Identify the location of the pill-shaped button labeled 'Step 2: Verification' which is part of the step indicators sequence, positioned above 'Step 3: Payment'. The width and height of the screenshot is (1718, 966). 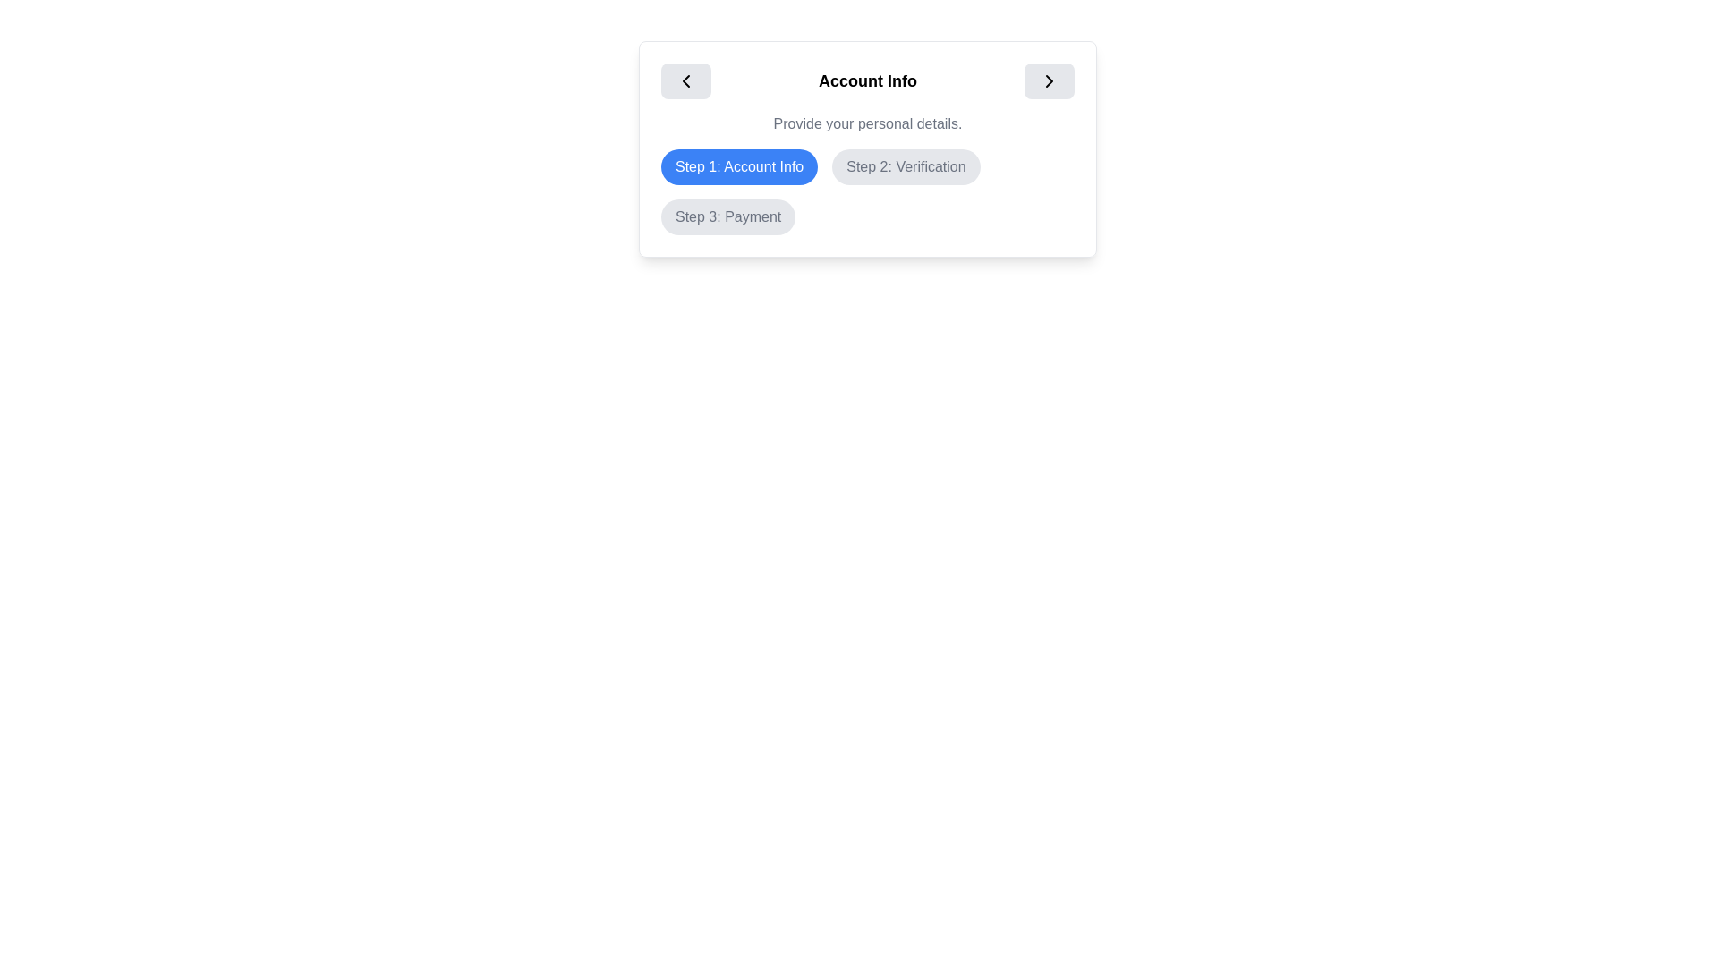
(906, 166).